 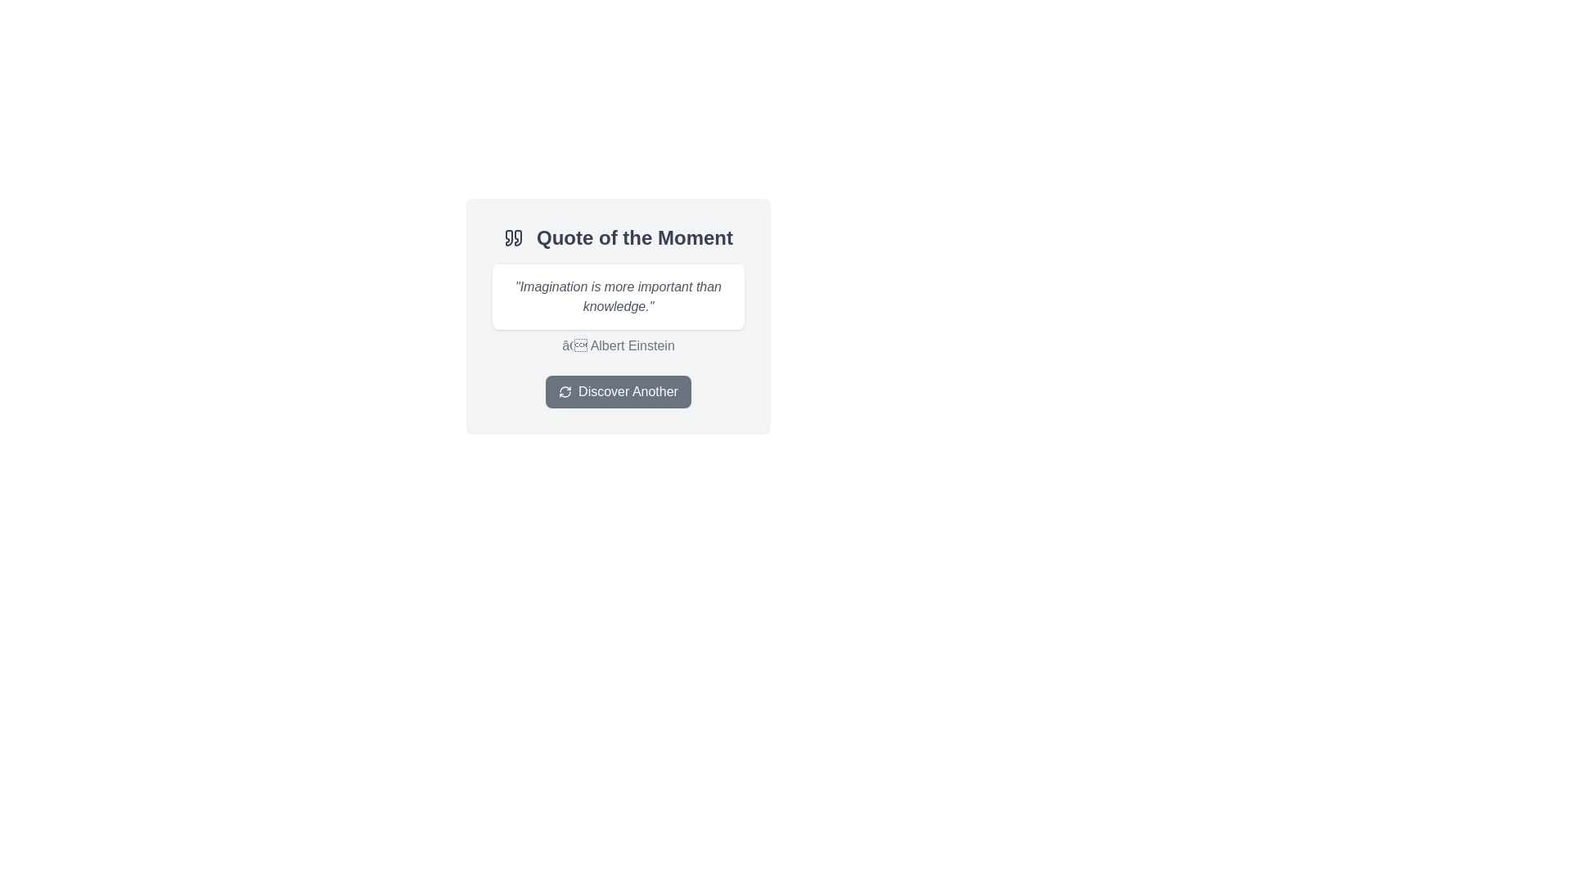 What do you see at coordinates (565, 391) in the screenshot?
I see `the 'Discover Another' button that features a circular refresh icon on the left side, located at the bottom of the 'Quote of the Moment' section` at bounding box center [565, 391].